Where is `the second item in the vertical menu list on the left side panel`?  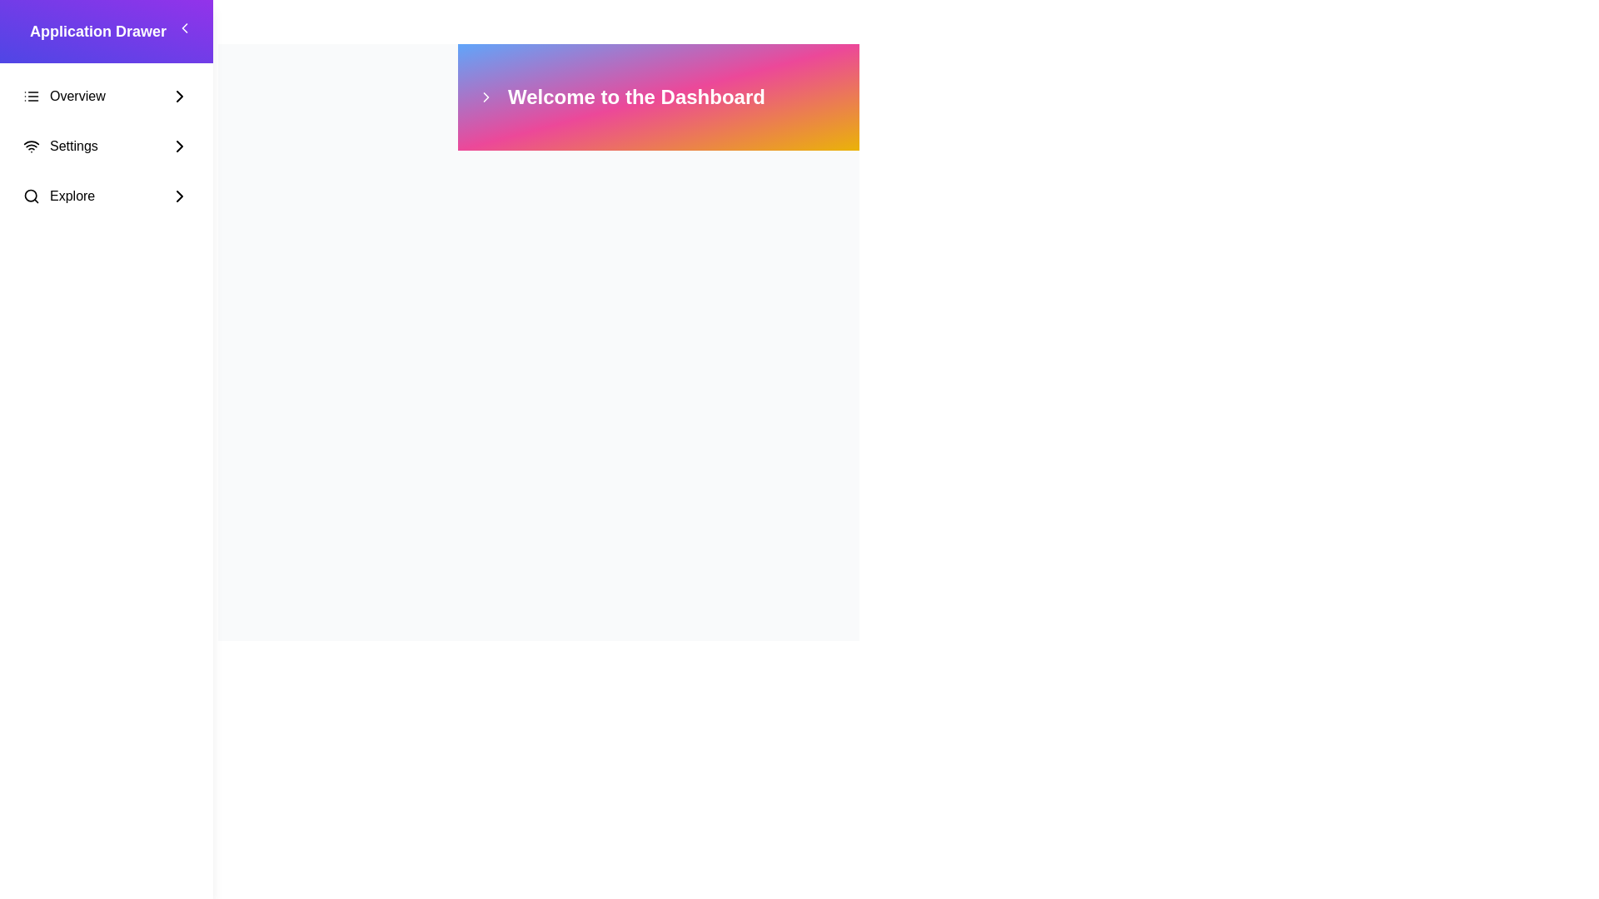 the second item in the vertical menu list on the left side panel is located at coordinates (106, 146).